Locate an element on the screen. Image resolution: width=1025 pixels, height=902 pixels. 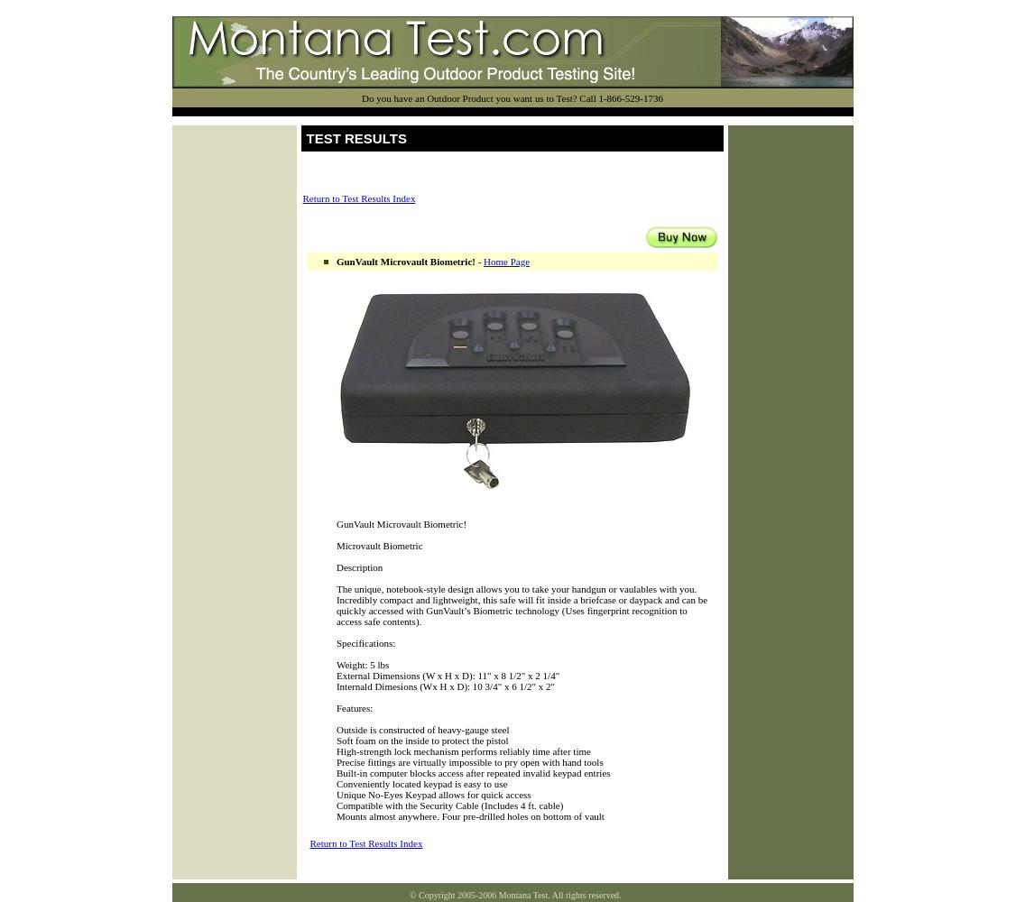
'Home Page' is located at coordinates (482, 262).